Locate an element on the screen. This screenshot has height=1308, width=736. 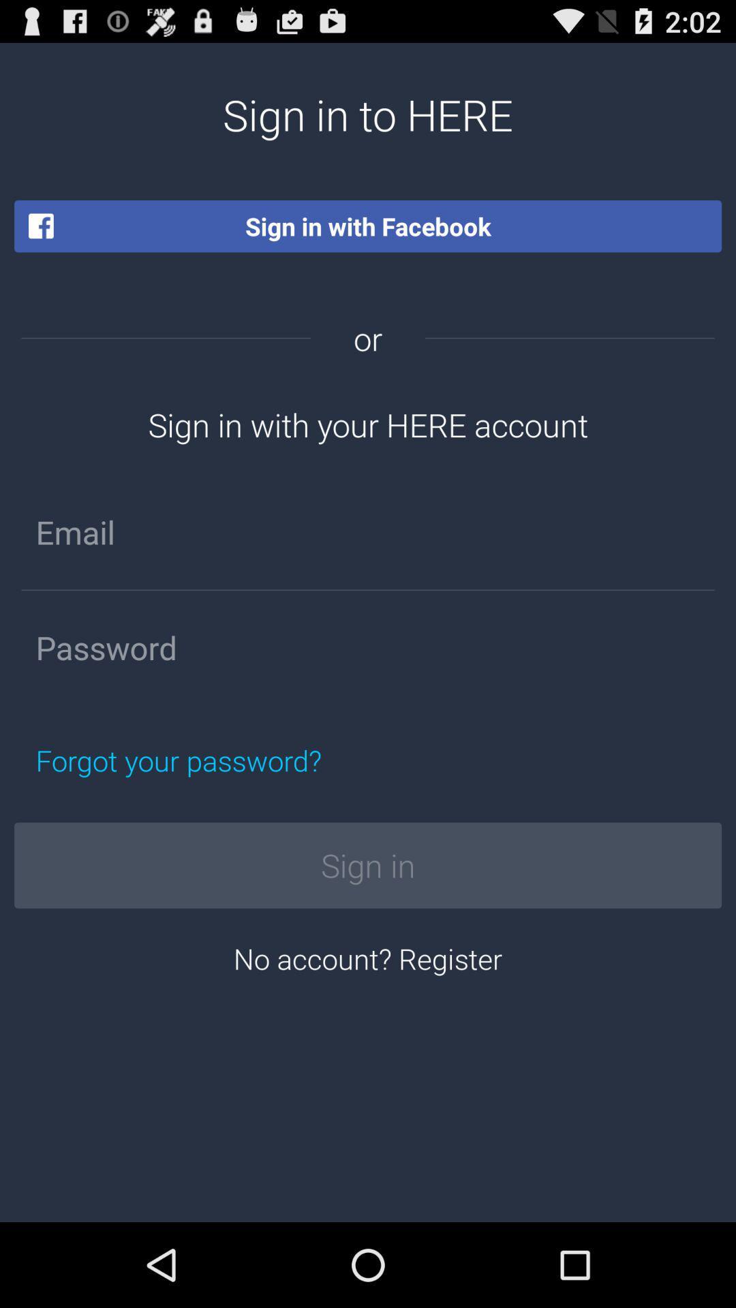
the forgot your password? is located at coordinates (242, 760).